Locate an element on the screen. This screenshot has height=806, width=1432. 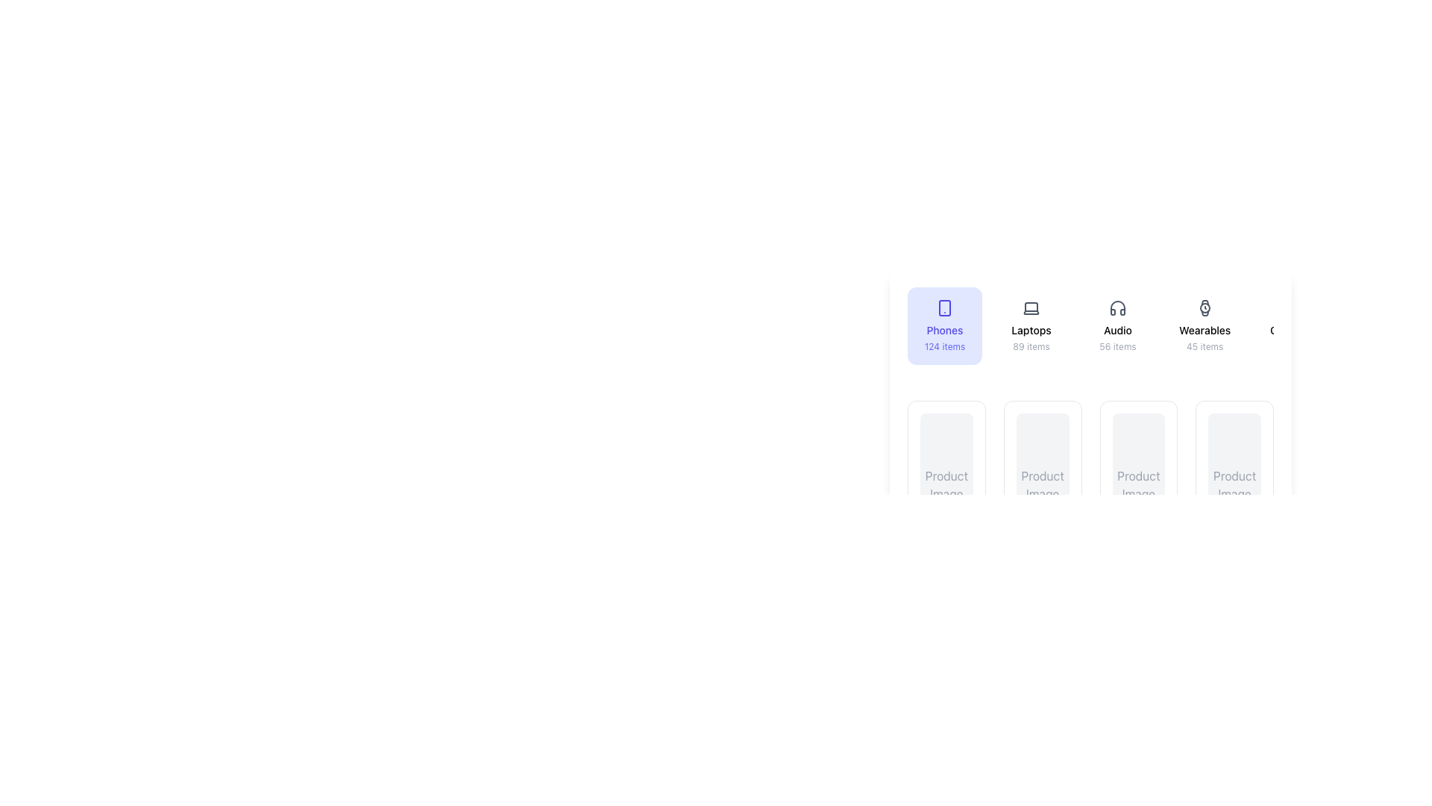
the button labeled 'Laptops' is located at coordinates (1030, 325).